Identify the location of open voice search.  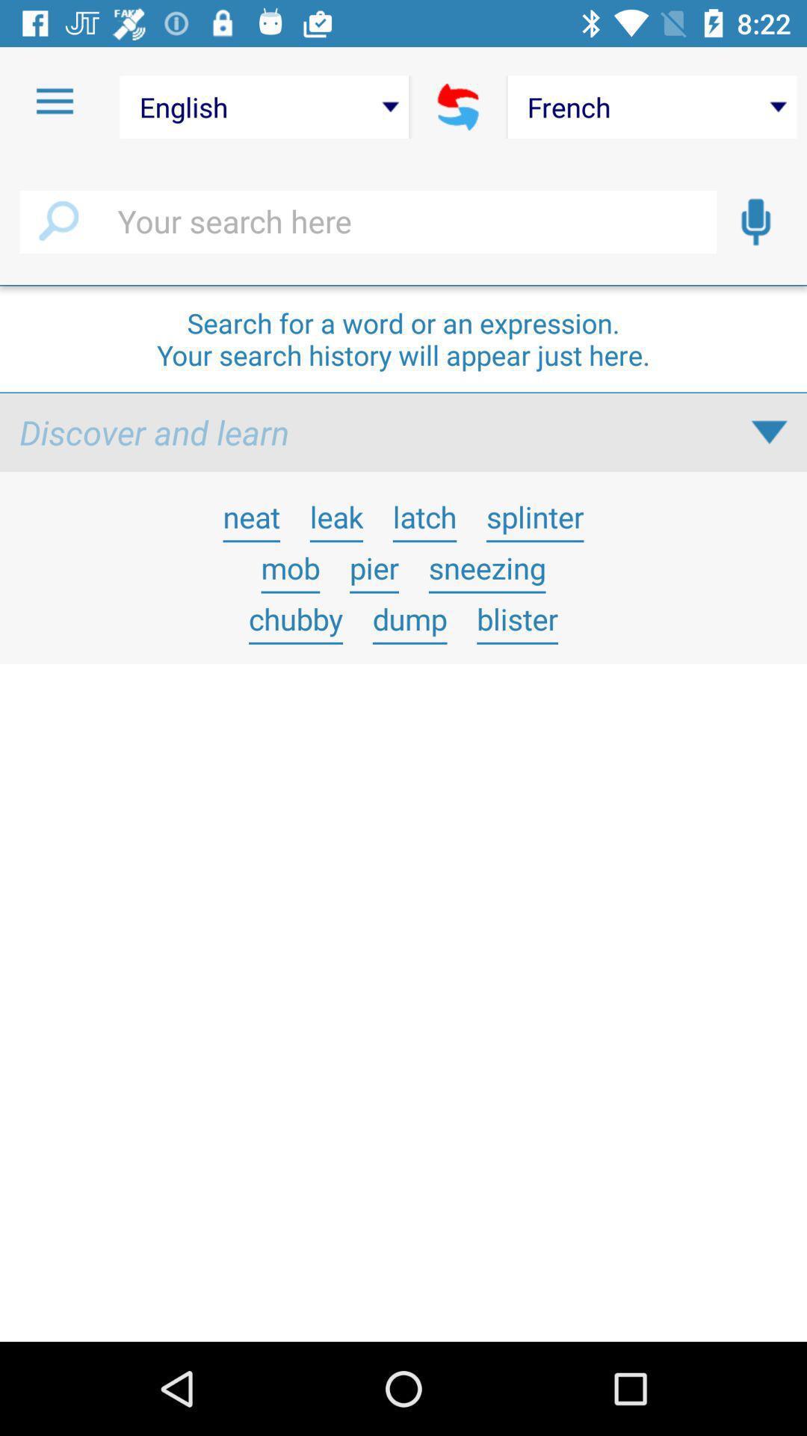
(755, 221).